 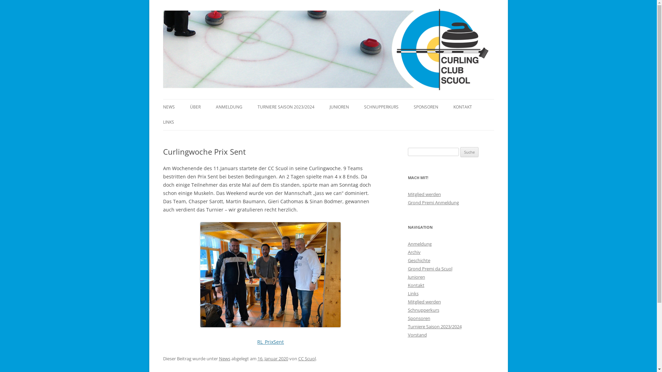 I want to click on 'Geschichte', so click(x=418, y=260).